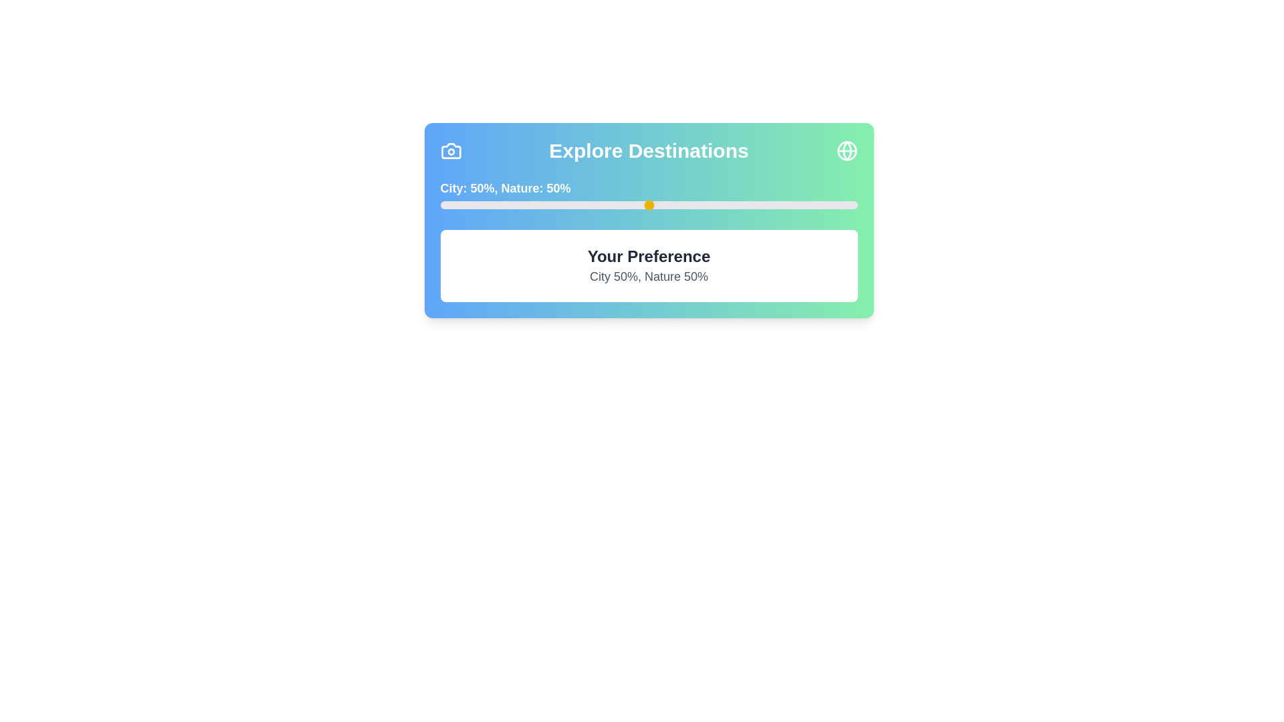  Describe the element at coordinates (453, 205) in the screenshot. I see `the slider to set the Nature preference to 3%` at that location.